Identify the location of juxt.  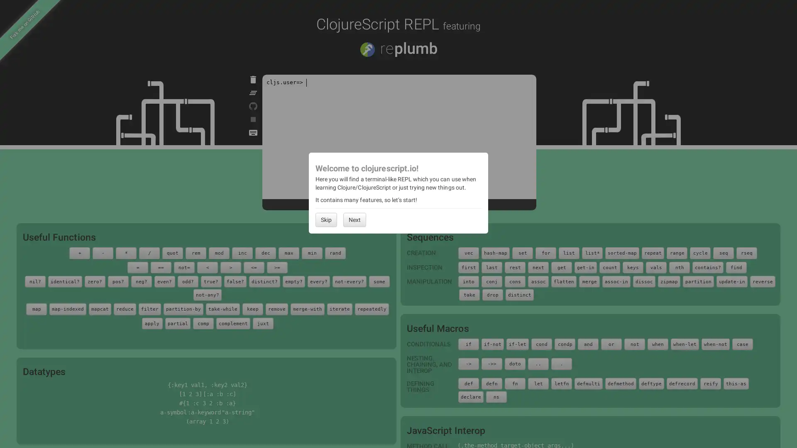
(262, 323).